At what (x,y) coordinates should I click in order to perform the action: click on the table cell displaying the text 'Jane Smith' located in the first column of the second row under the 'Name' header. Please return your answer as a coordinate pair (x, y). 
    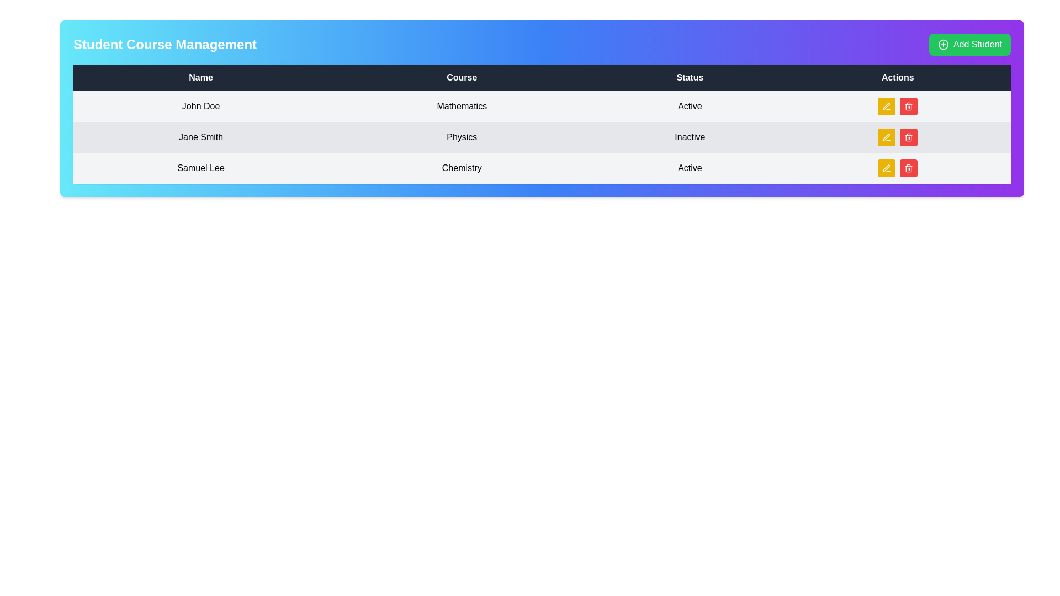
    Looking at the image, I should click on (201, 137).